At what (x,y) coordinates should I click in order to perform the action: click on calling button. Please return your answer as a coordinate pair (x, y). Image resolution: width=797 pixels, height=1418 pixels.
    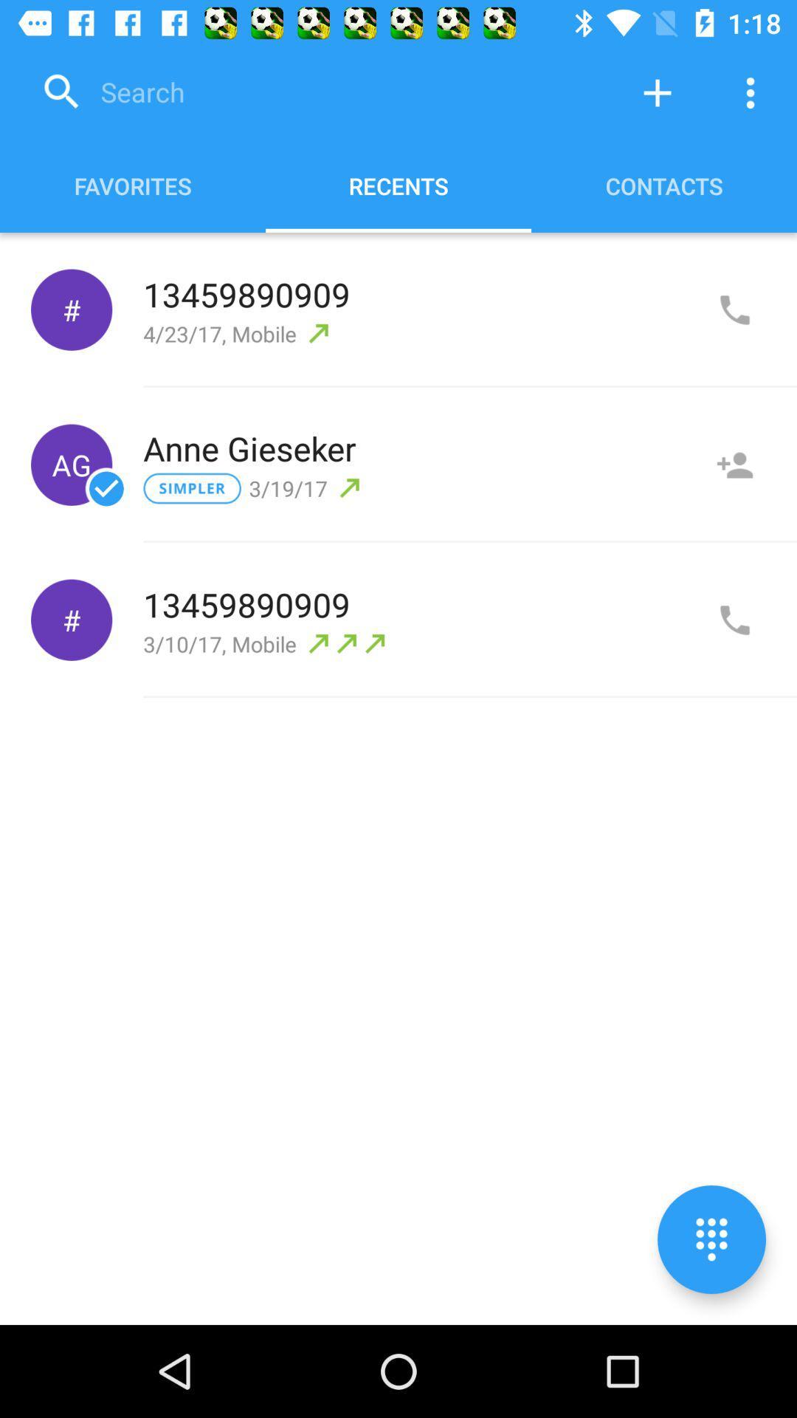
    Looking at the image, I should click on (734, 620).